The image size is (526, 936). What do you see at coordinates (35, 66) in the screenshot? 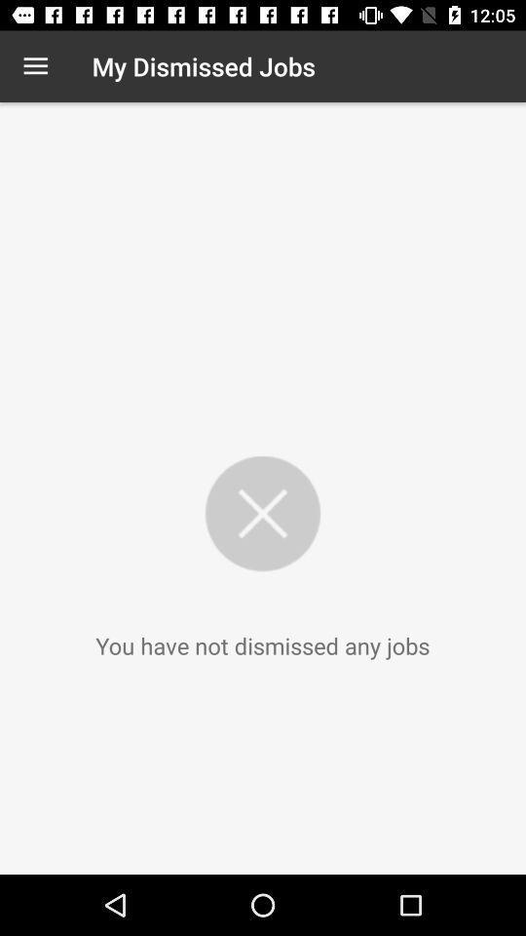
I see `item to the left of the my dismissed jobs` at bounding box center [35, 66].